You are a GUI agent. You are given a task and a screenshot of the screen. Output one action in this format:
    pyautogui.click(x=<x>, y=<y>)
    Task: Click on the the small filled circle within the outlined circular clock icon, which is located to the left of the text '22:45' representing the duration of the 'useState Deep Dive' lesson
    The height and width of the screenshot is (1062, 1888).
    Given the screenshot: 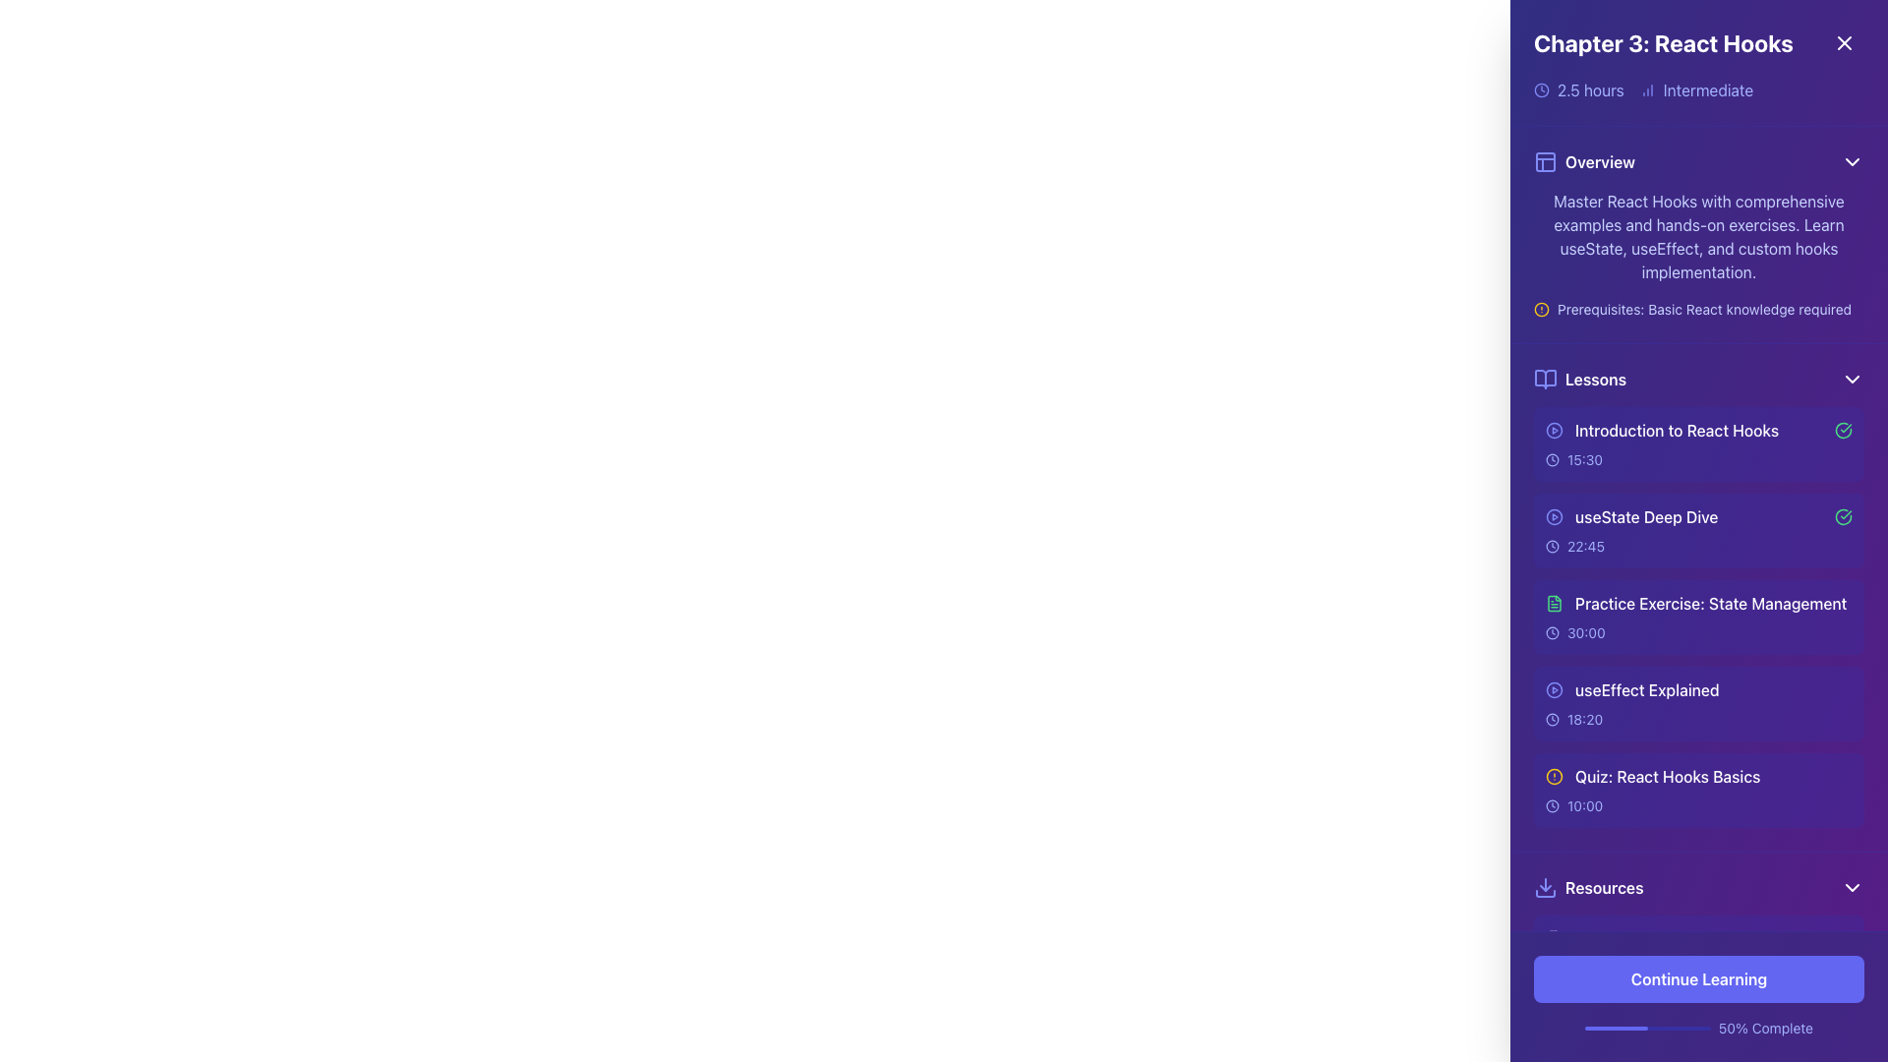 What is the action you would take?
    pyautogui.click(x=1552, y=546)
    